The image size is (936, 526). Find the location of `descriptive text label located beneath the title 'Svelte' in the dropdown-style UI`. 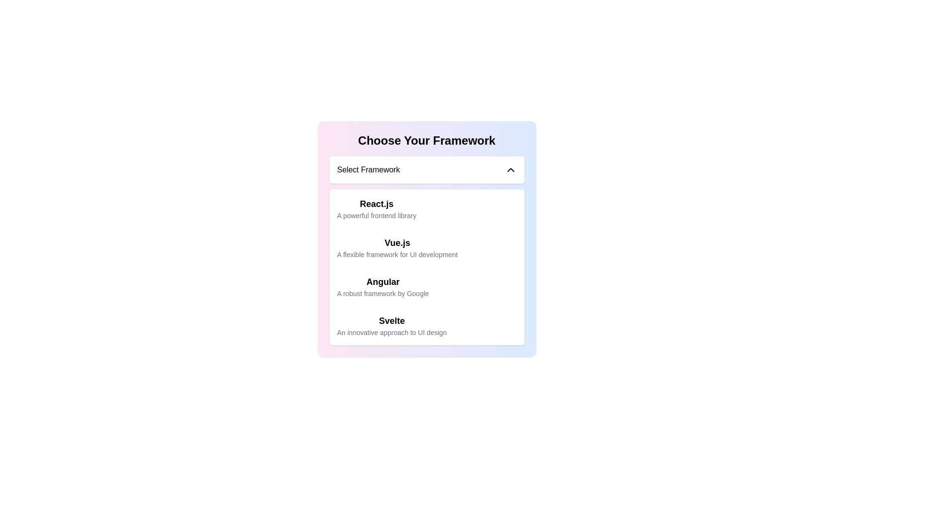

descriptive text label located beneath the title 'Svelte' in the dropdown-style UI is located at coordinates (391, 332).